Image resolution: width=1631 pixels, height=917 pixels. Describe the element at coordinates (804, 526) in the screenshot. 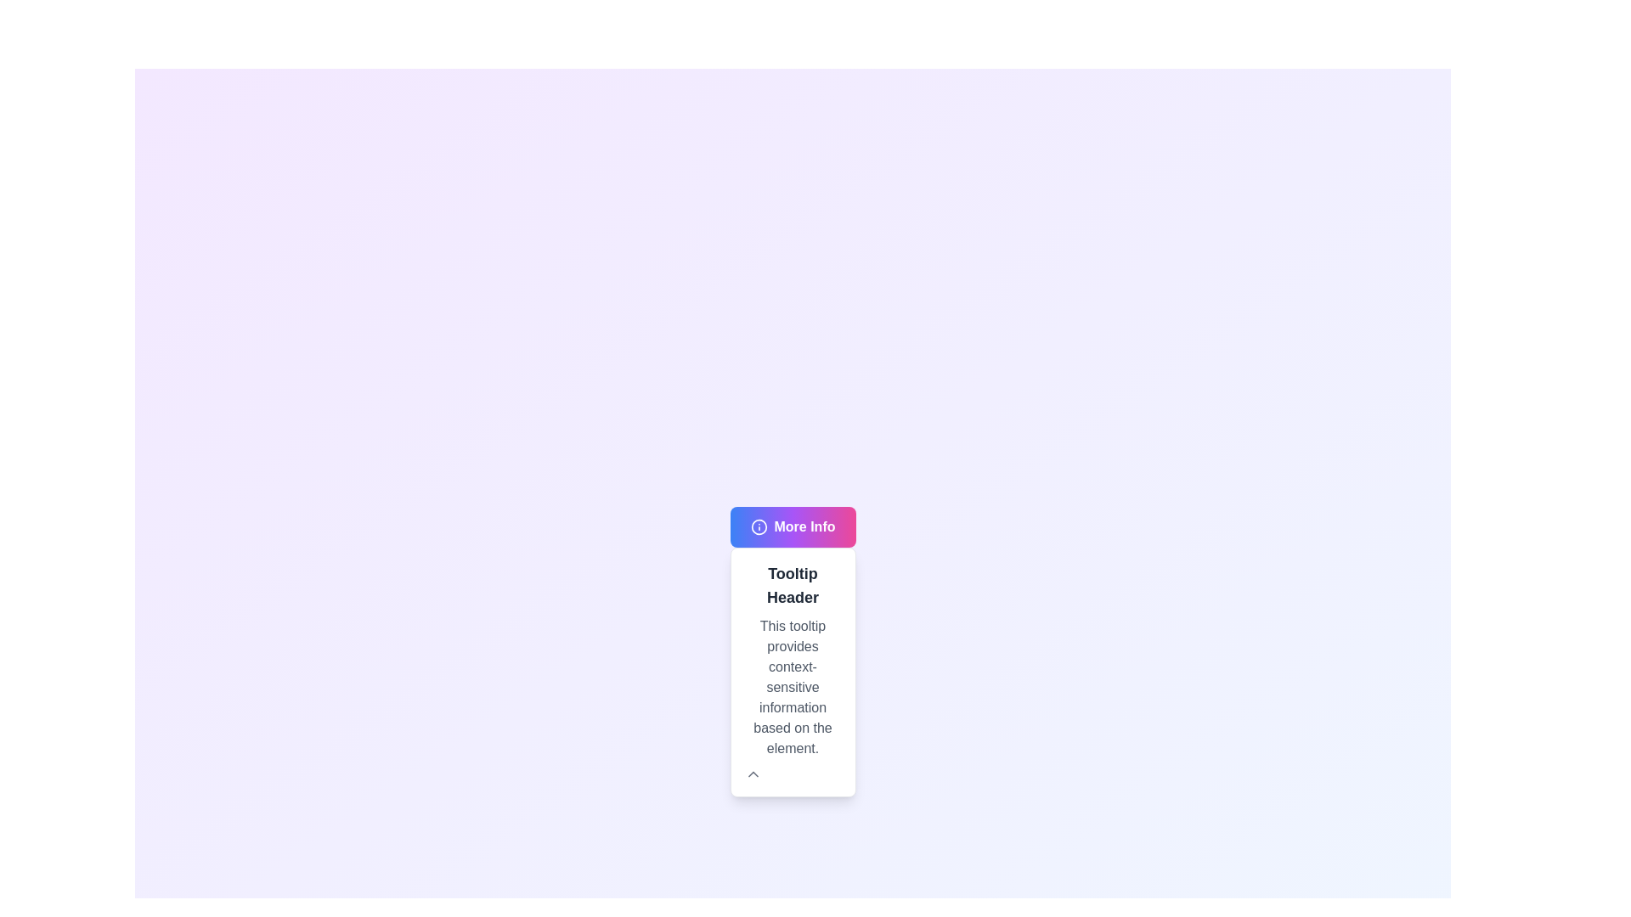

I see `the 'More Info' text label which has a gradient background from blue to pink and is styled with rounded corners, located to the right of an icon within a button in a pop-up feature` at that location.